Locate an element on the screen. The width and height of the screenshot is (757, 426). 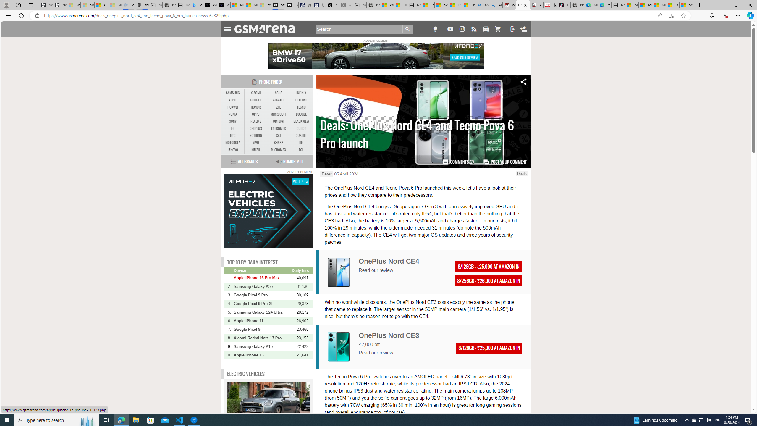
'HUAWEI' is located at coordinates (233, 107).